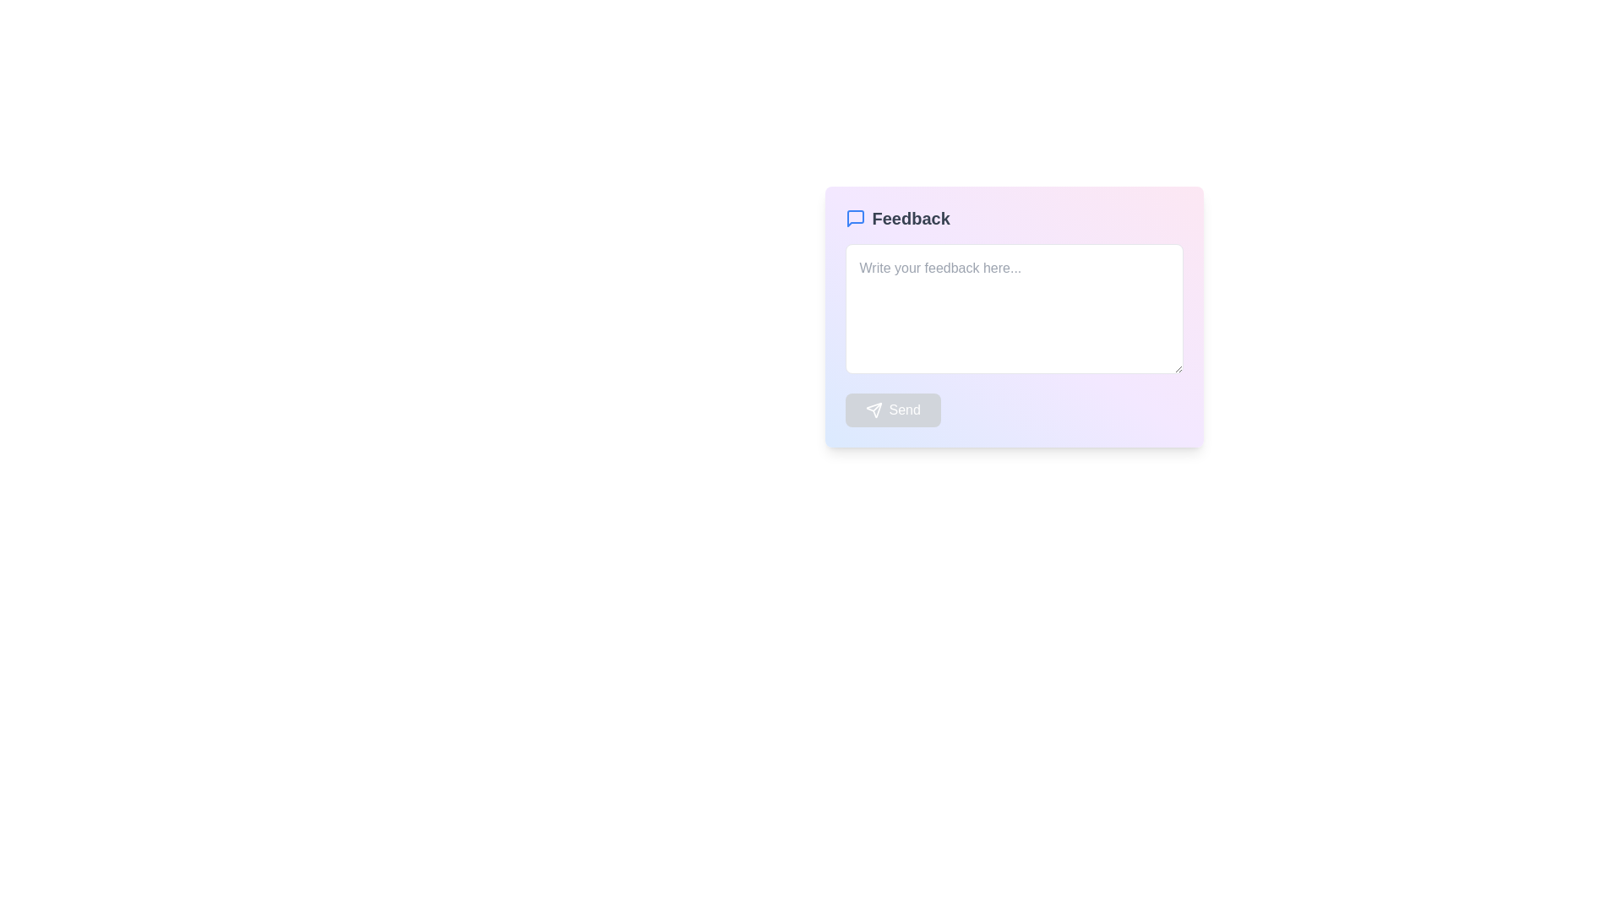  Describe the element at coordinates (855, 217) in the screenshot. I see `the chat bubble icon located to the left of the 'Feedback' text in the feedback dialog box` at that location.